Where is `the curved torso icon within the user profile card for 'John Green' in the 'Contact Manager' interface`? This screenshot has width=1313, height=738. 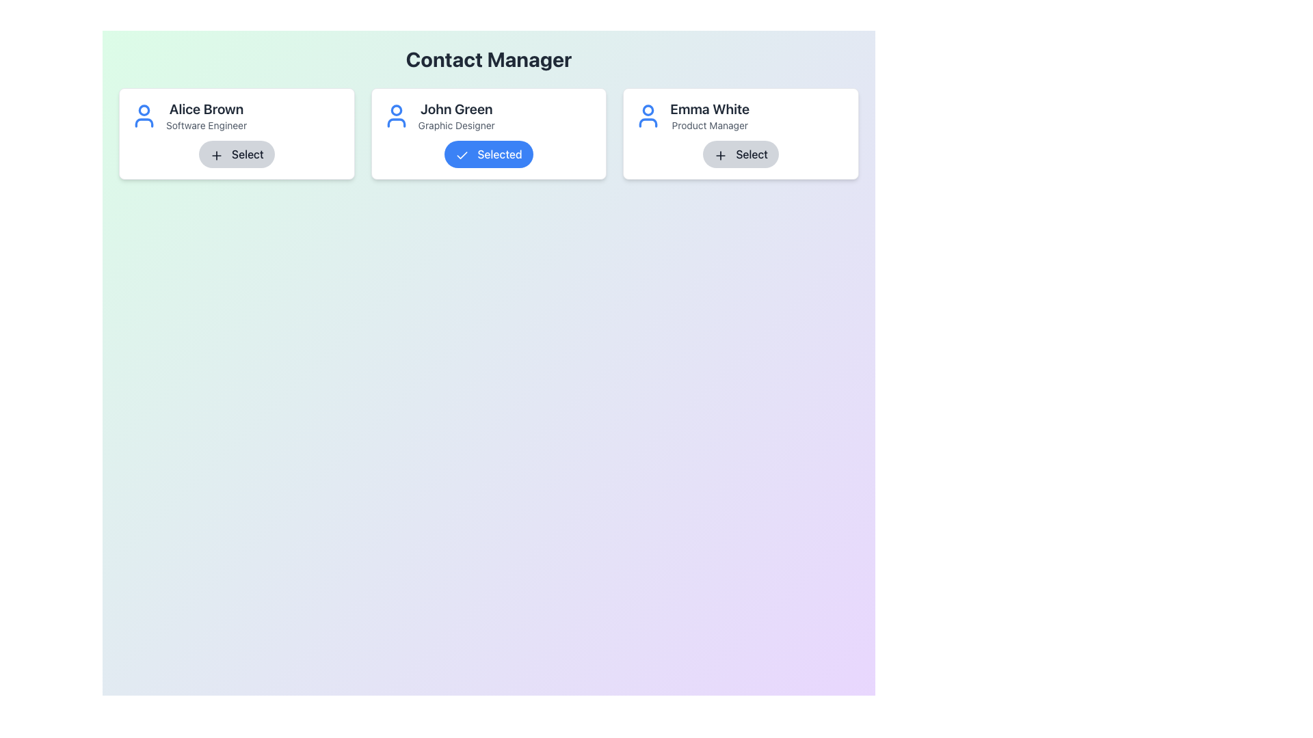
the curved torso icon within the user profile card for 'John Green' in the 'Contact Manager' interface is located at coordinates (395, 123).